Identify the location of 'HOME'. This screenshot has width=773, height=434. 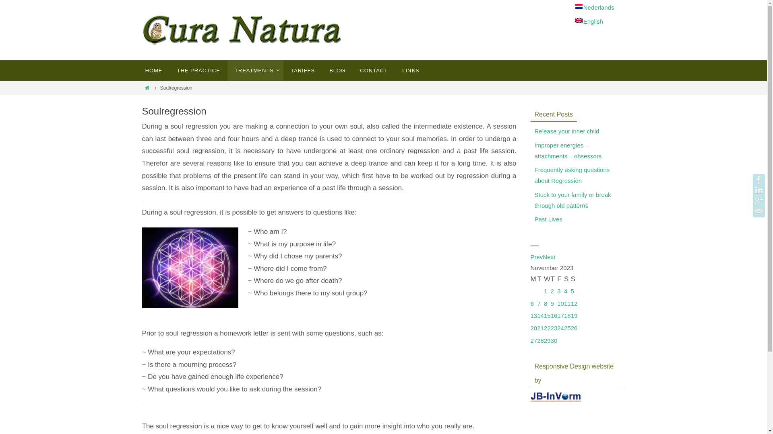
(153, 70).